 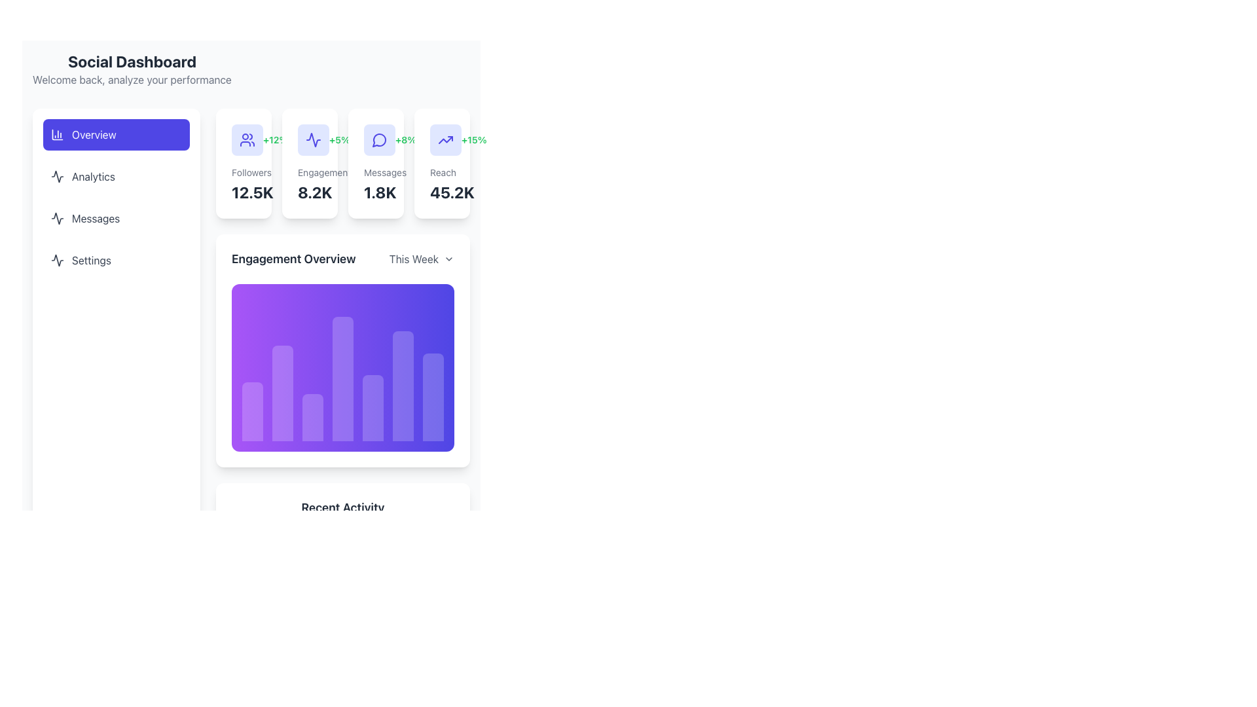 I want to click on text label displaying 'Reach' located within a white card UI component, positioned above the numerical text '45.2K', so click(x=442, y=172).